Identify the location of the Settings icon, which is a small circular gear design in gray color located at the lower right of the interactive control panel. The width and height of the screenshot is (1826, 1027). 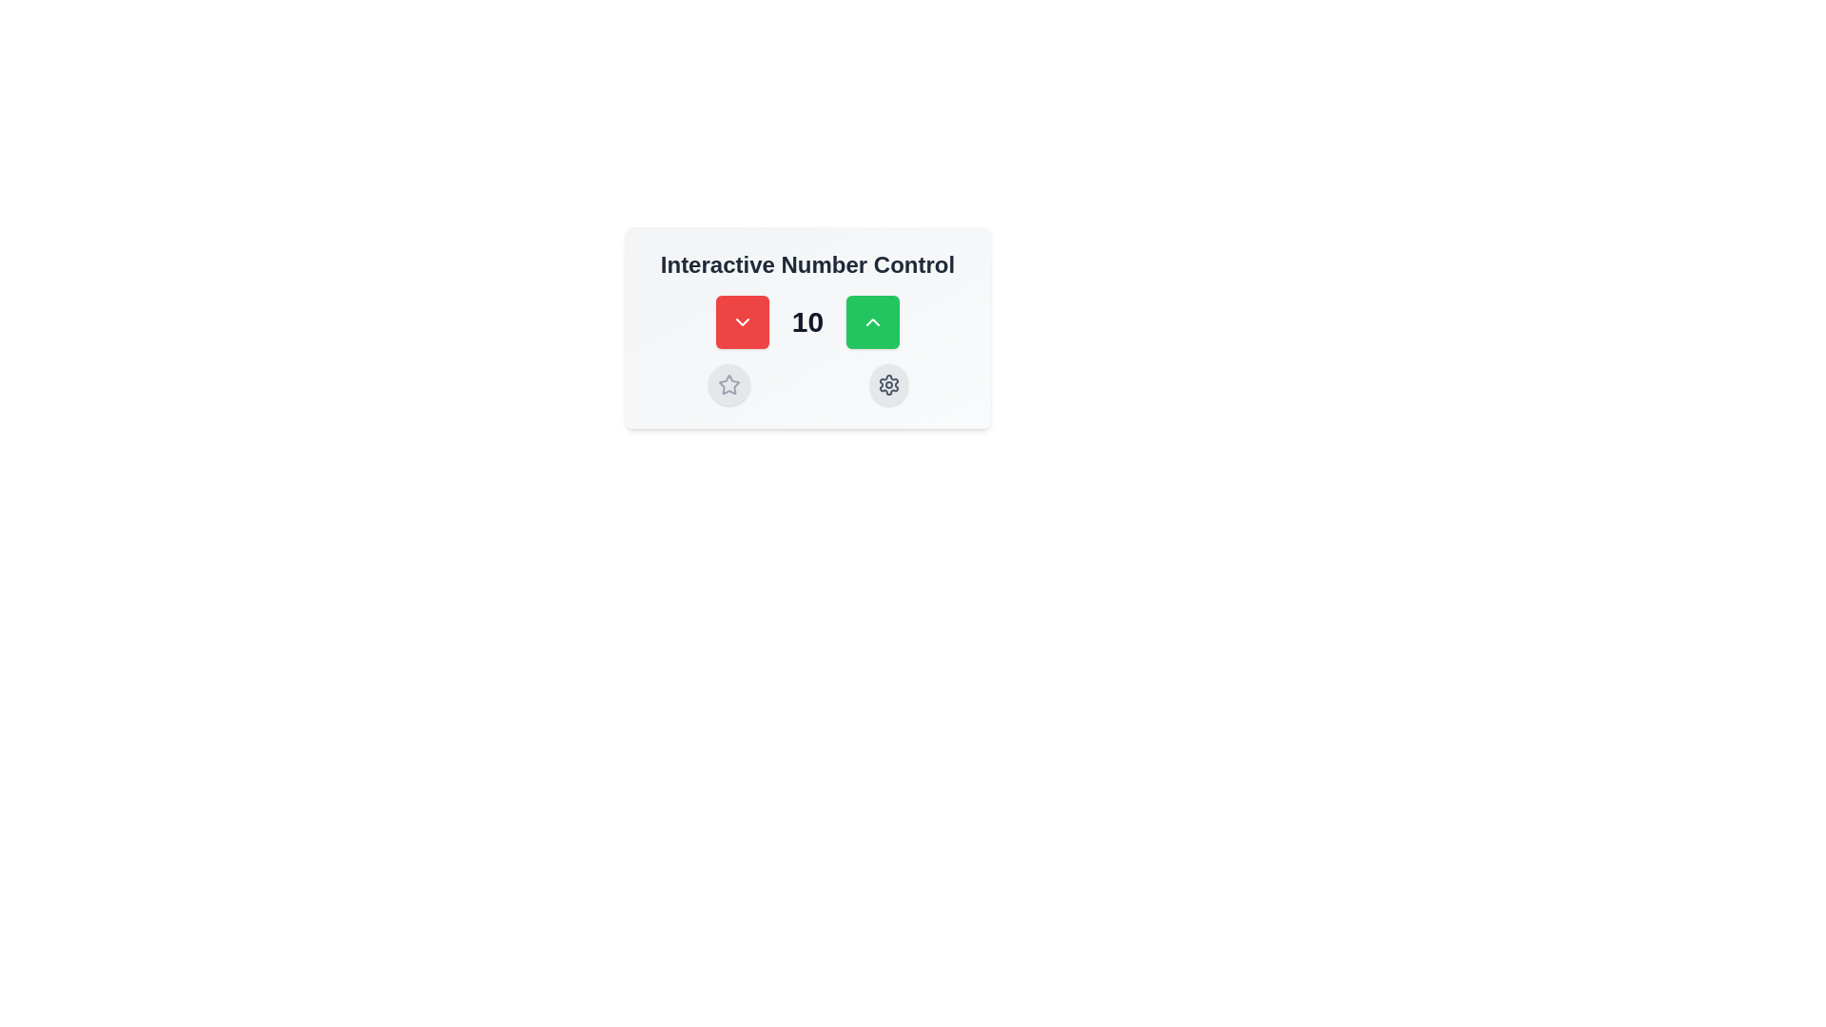
(887, 385).